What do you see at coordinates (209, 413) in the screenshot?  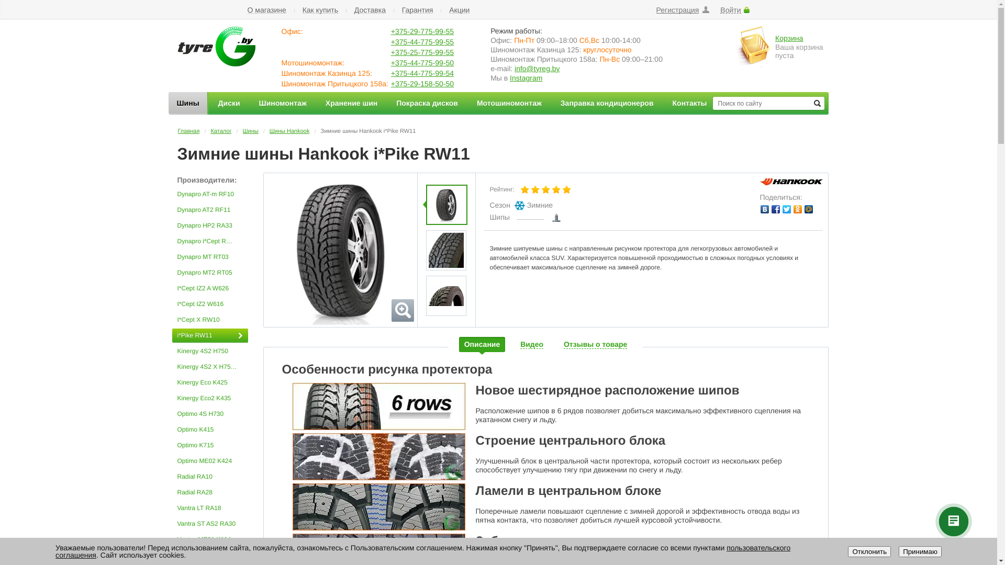 I see `'Optimo 4S H730'` at bounding box center [209, 413].